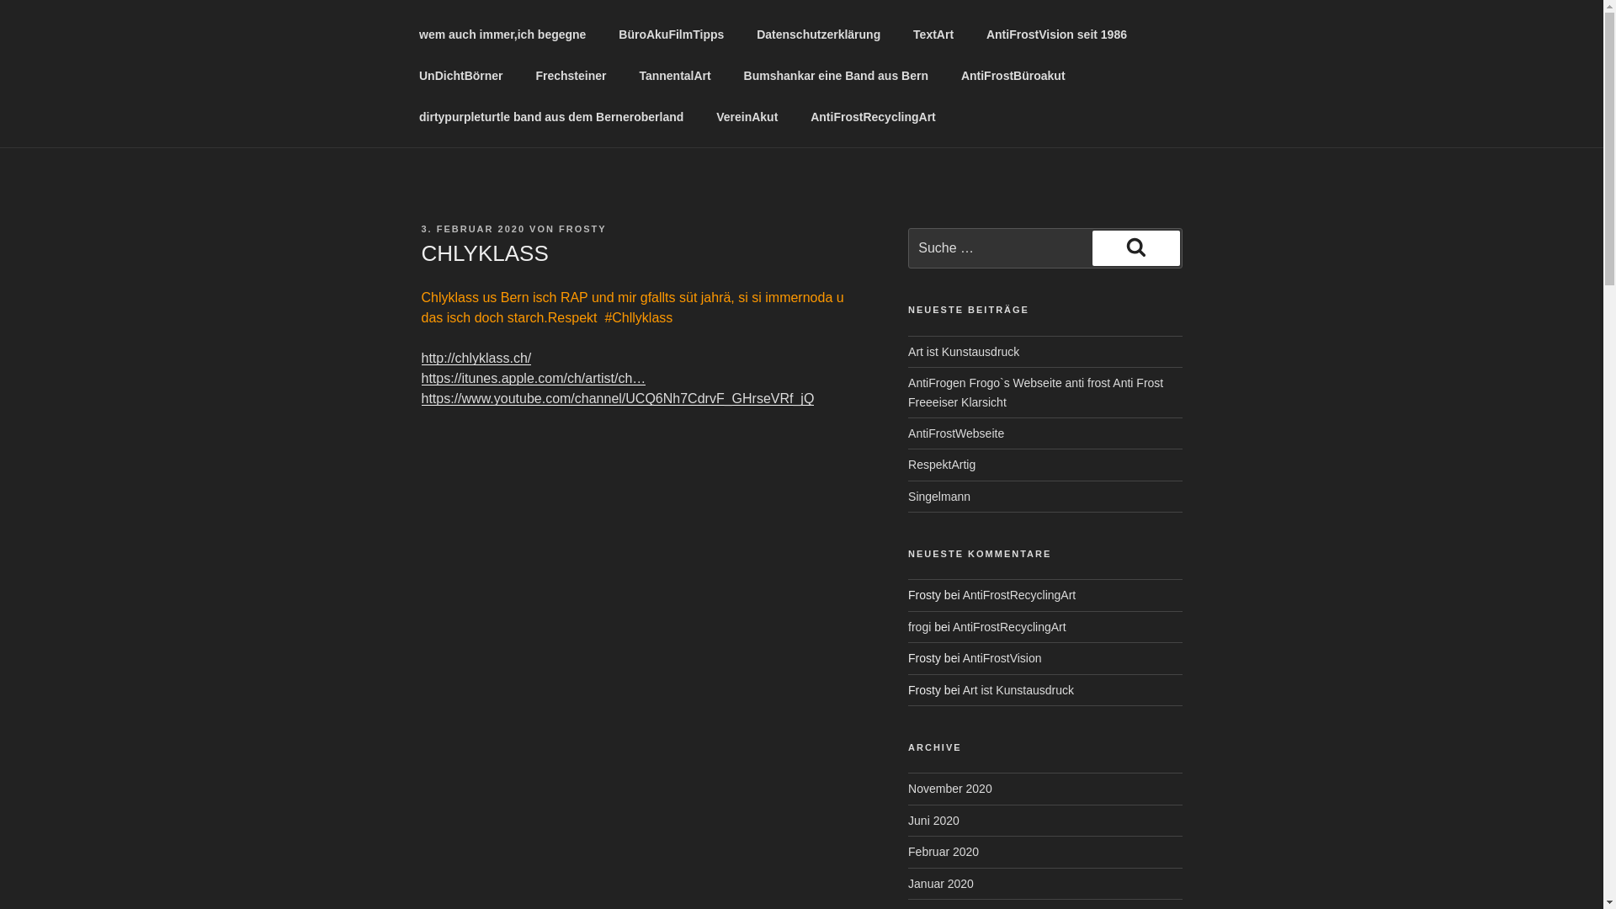 This screenshot has width=1616, height=909. I want to click on 'FROSTY', so click(582, 229).